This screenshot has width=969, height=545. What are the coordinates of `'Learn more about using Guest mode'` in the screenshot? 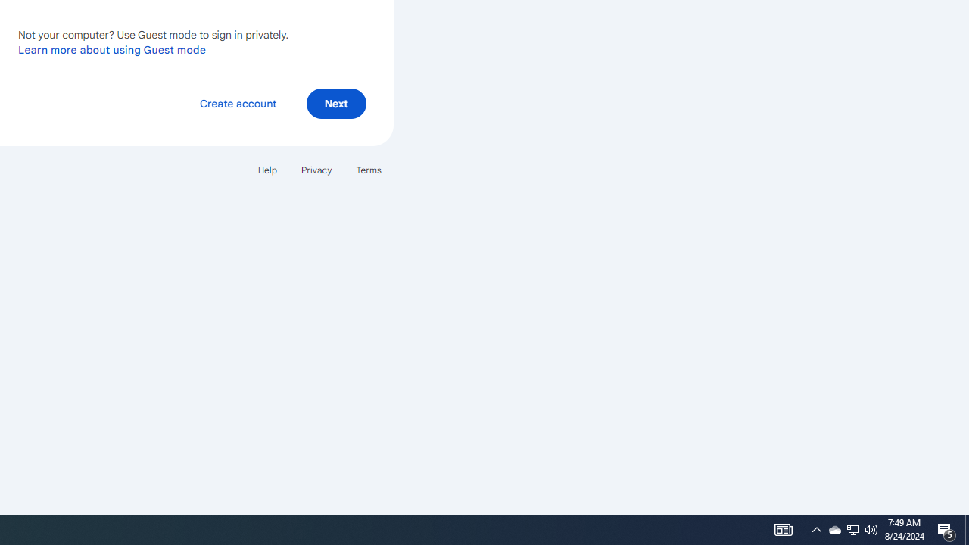 It's located at (111, 48).